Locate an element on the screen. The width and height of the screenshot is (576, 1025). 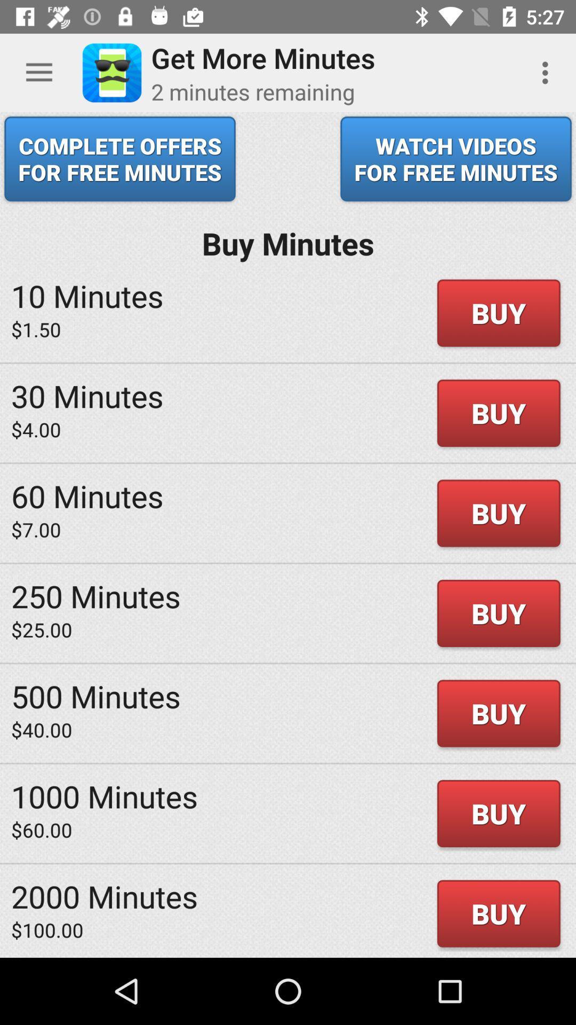
500 minutes icon is located at coordinates (96, 696).